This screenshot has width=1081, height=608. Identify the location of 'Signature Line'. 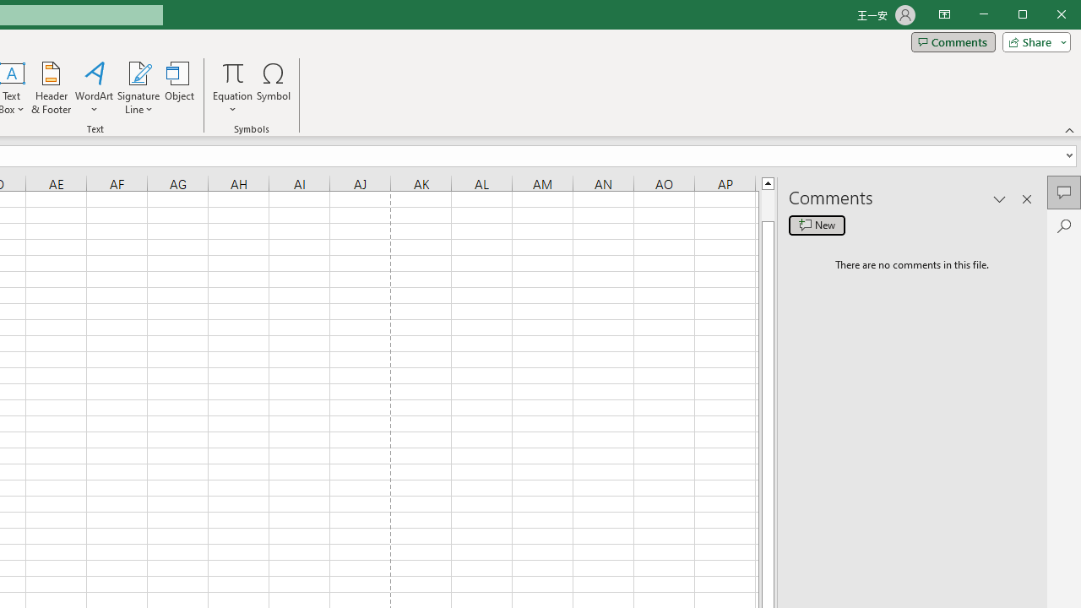
(139, 72).